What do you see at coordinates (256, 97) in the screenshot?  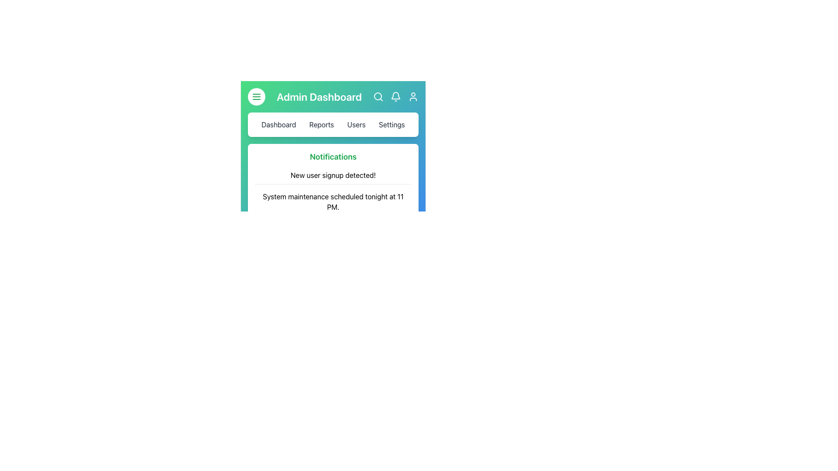 I see `the toggle button located to the left of the 'Admin Dashboard' text in the top navigation bar` at bounding box center [256, 97].